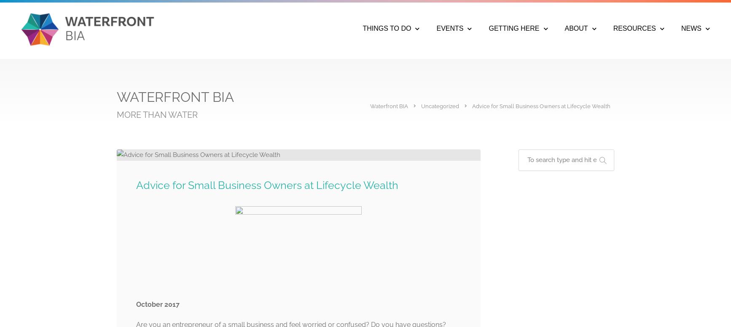  What do you see at coordinates (514, 28) in the screenshot?
I see `'GETTING HERE'` at bounding box center [514, 28].